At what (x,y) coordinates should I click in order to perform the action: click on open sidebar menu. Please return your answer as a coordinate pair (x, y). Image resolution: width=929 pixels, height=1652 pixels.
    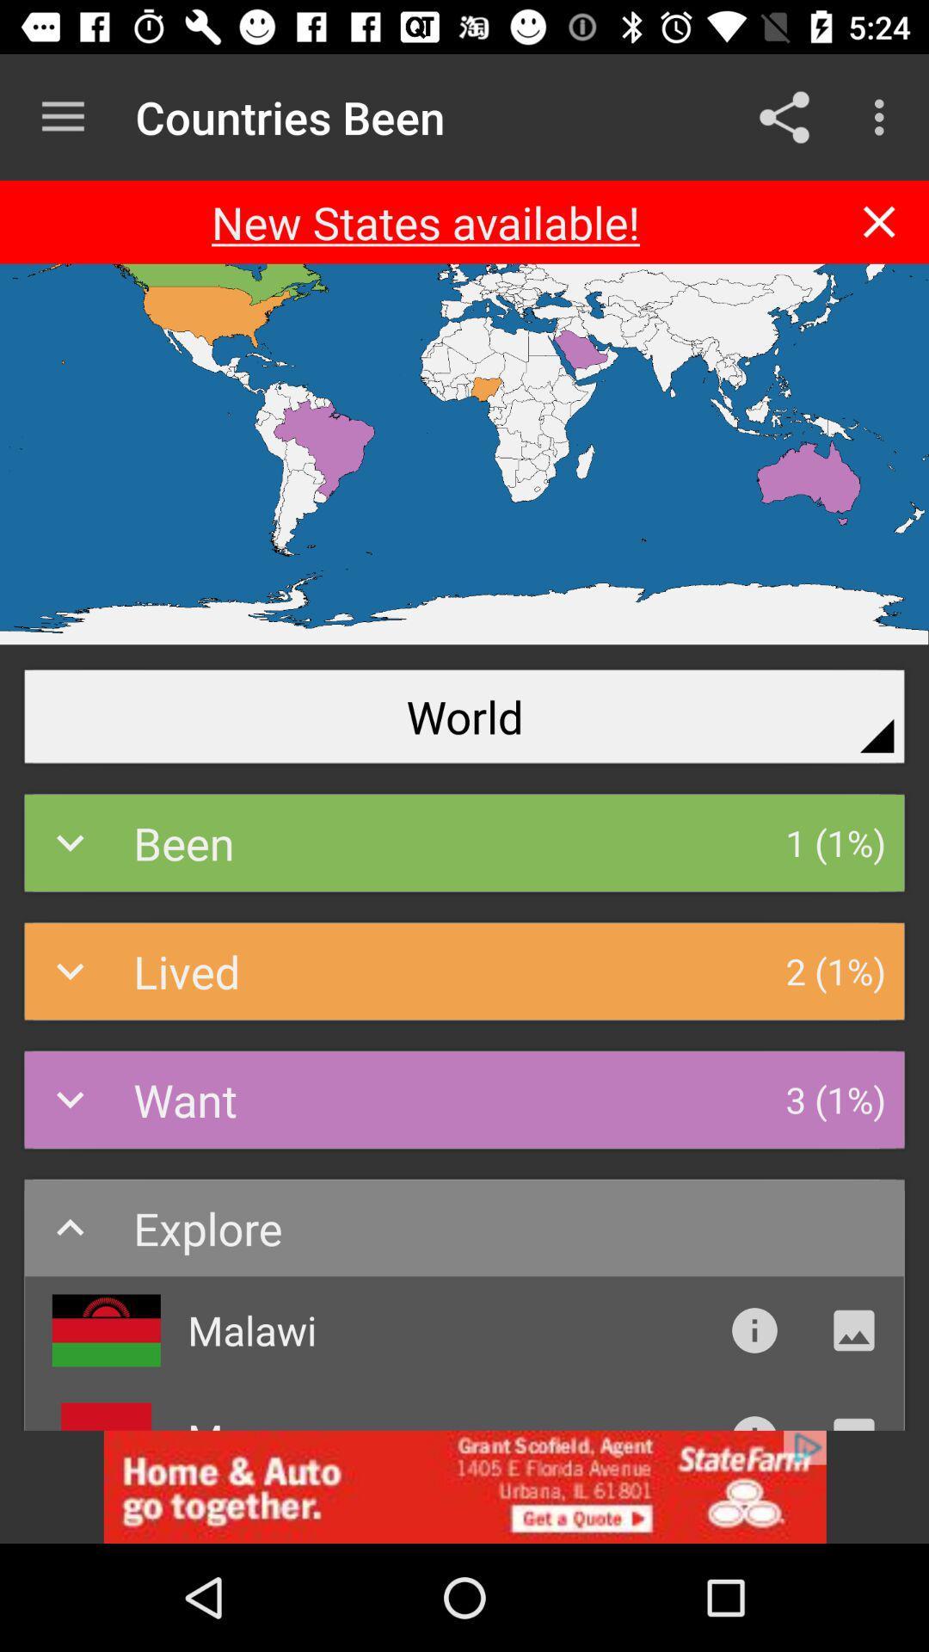
    Looking at the image, I should click on (62, 116).